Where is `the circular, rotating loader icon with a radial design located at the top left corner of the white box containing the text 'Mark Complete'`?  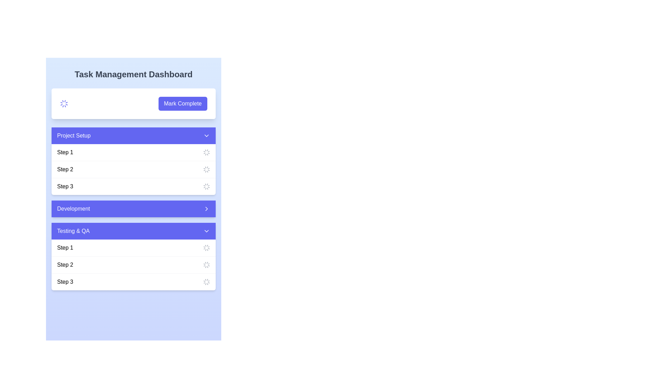
the circular, rotating loader icon with a radial design located at the top left corner of the white box containing the text 'Mark Complete' is located at coordinates (64, 103).